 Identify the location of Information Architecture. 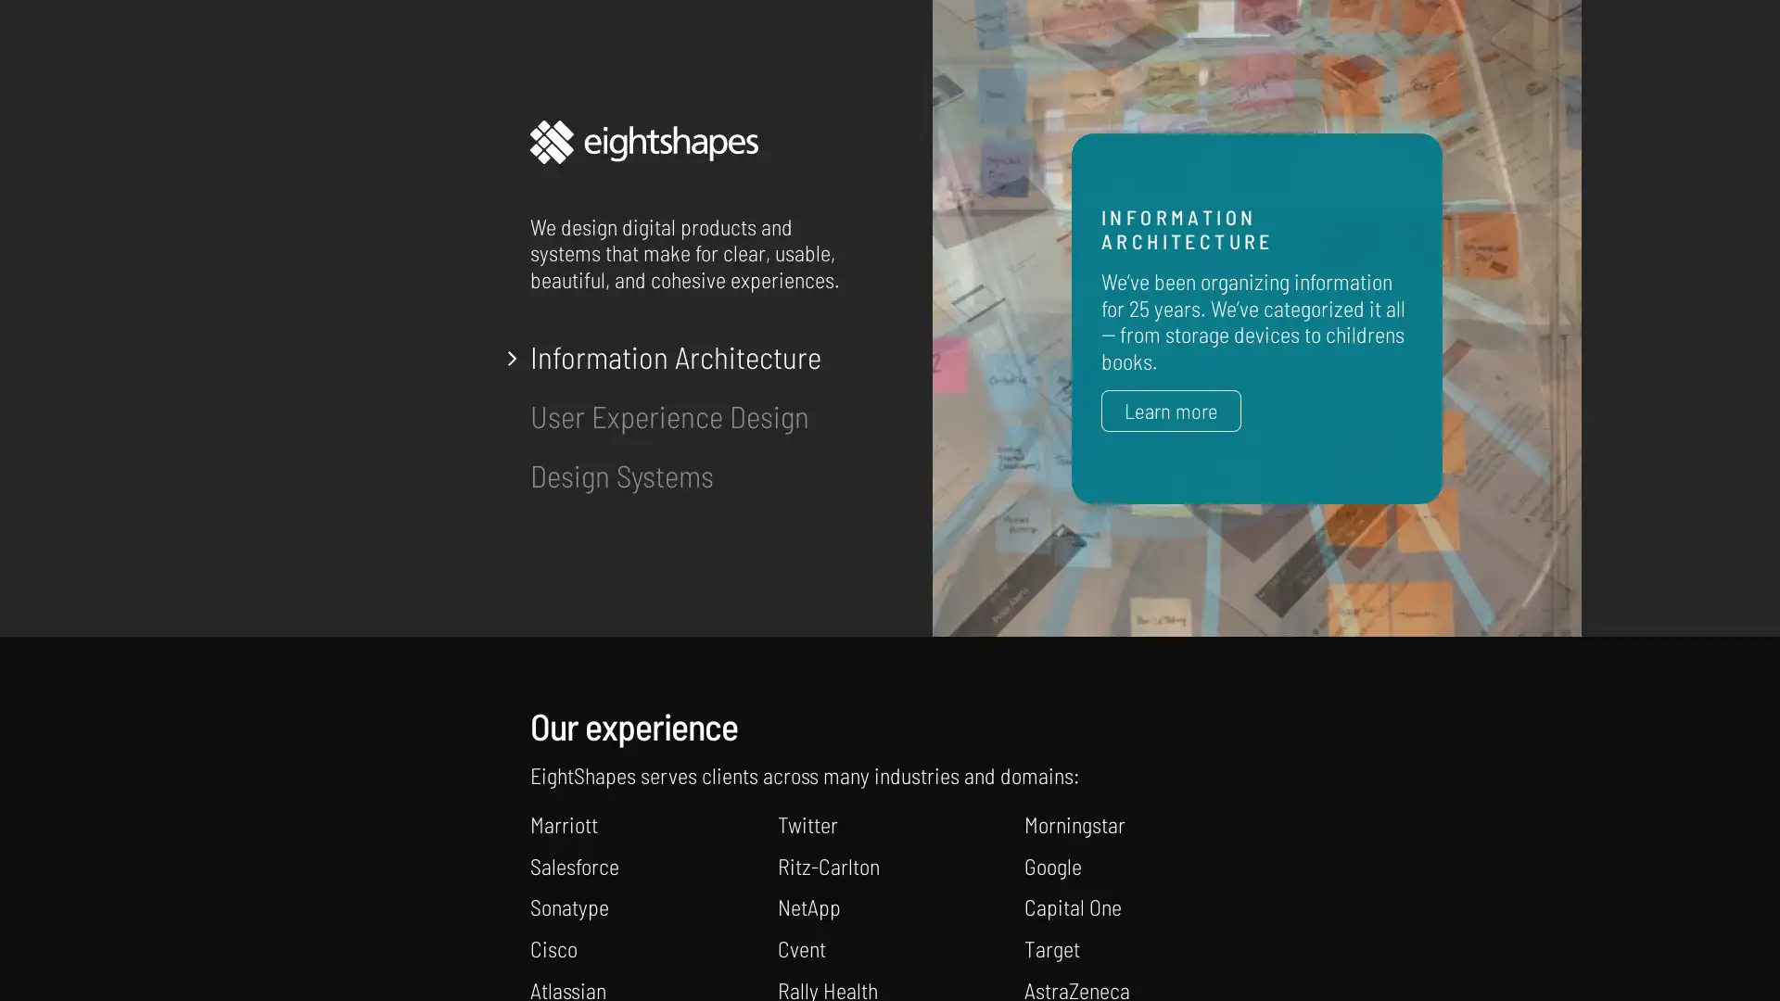
(675, 357).